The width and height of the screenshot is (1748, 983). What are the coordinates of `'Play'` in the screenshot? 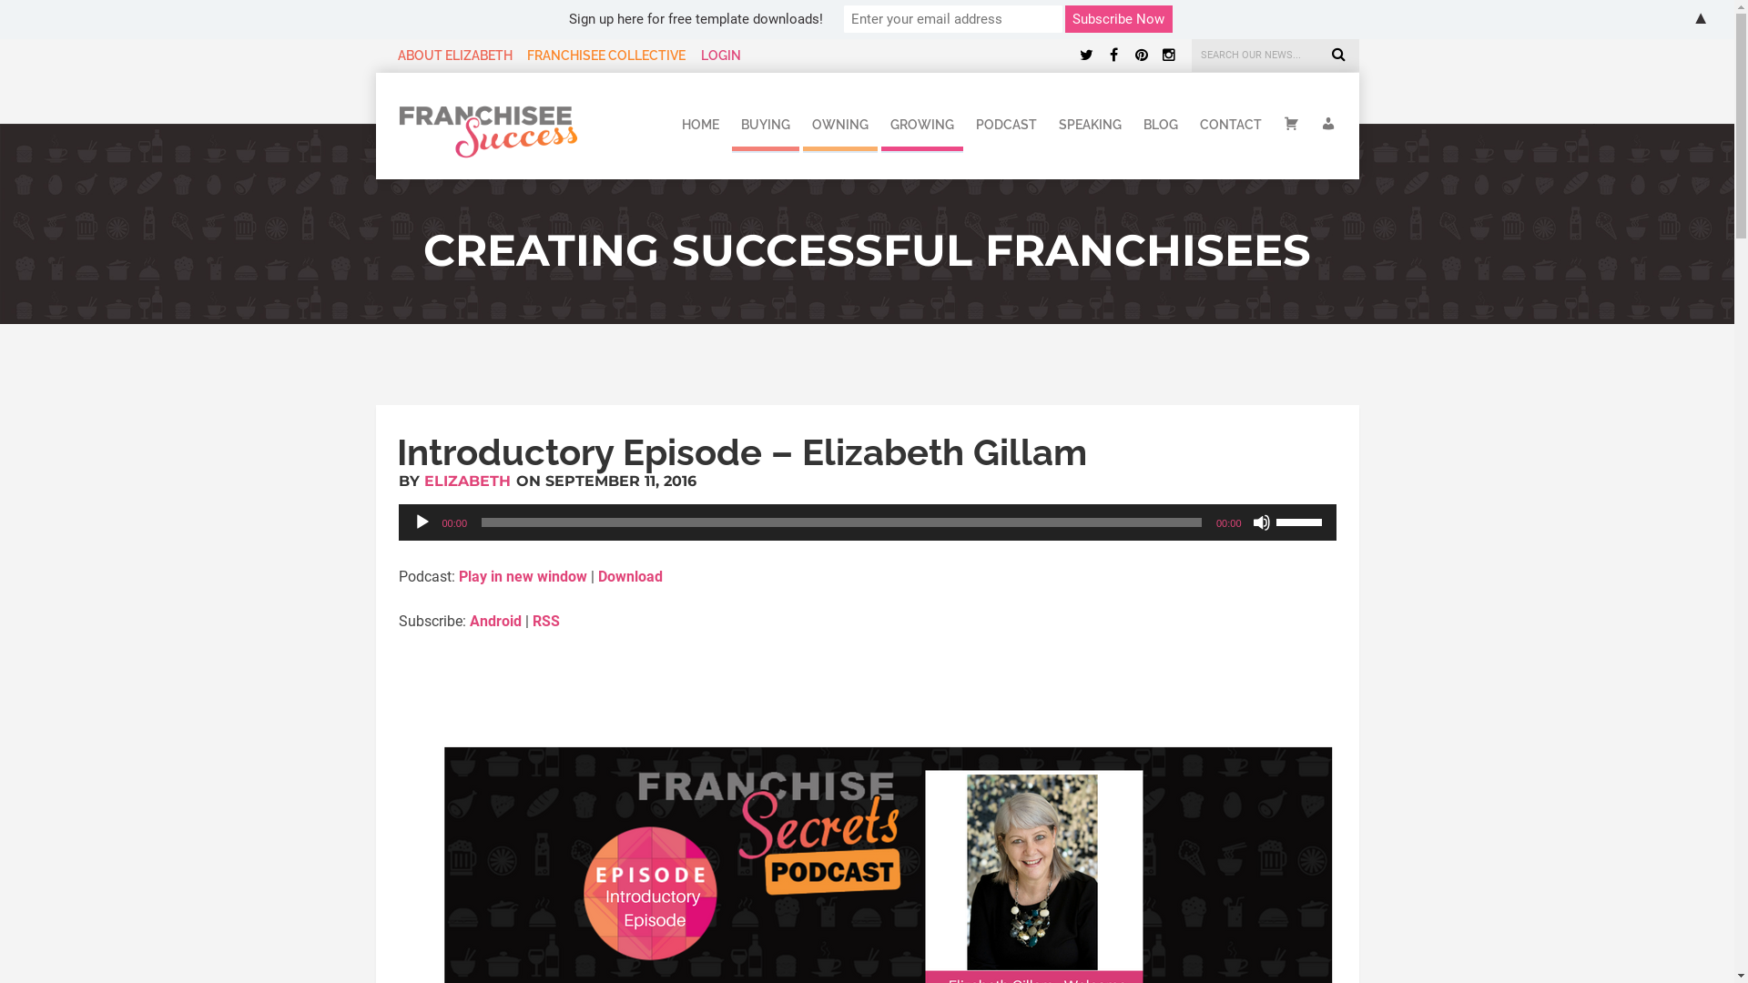 It's located at (422, 522).